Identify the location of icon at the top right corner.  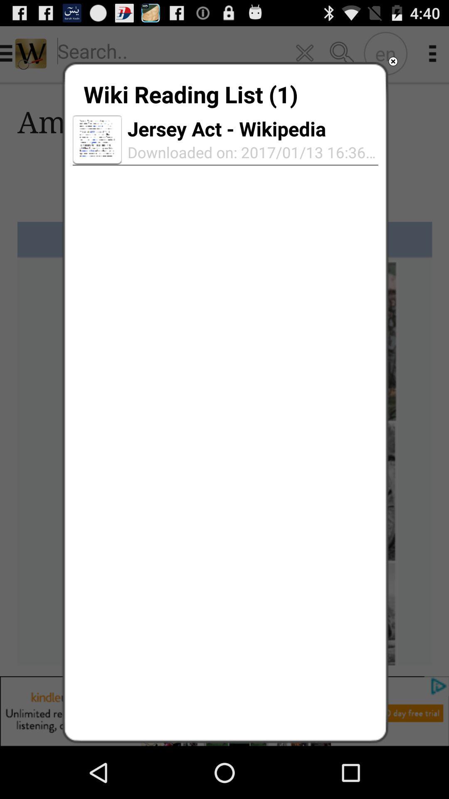
(393, 61).